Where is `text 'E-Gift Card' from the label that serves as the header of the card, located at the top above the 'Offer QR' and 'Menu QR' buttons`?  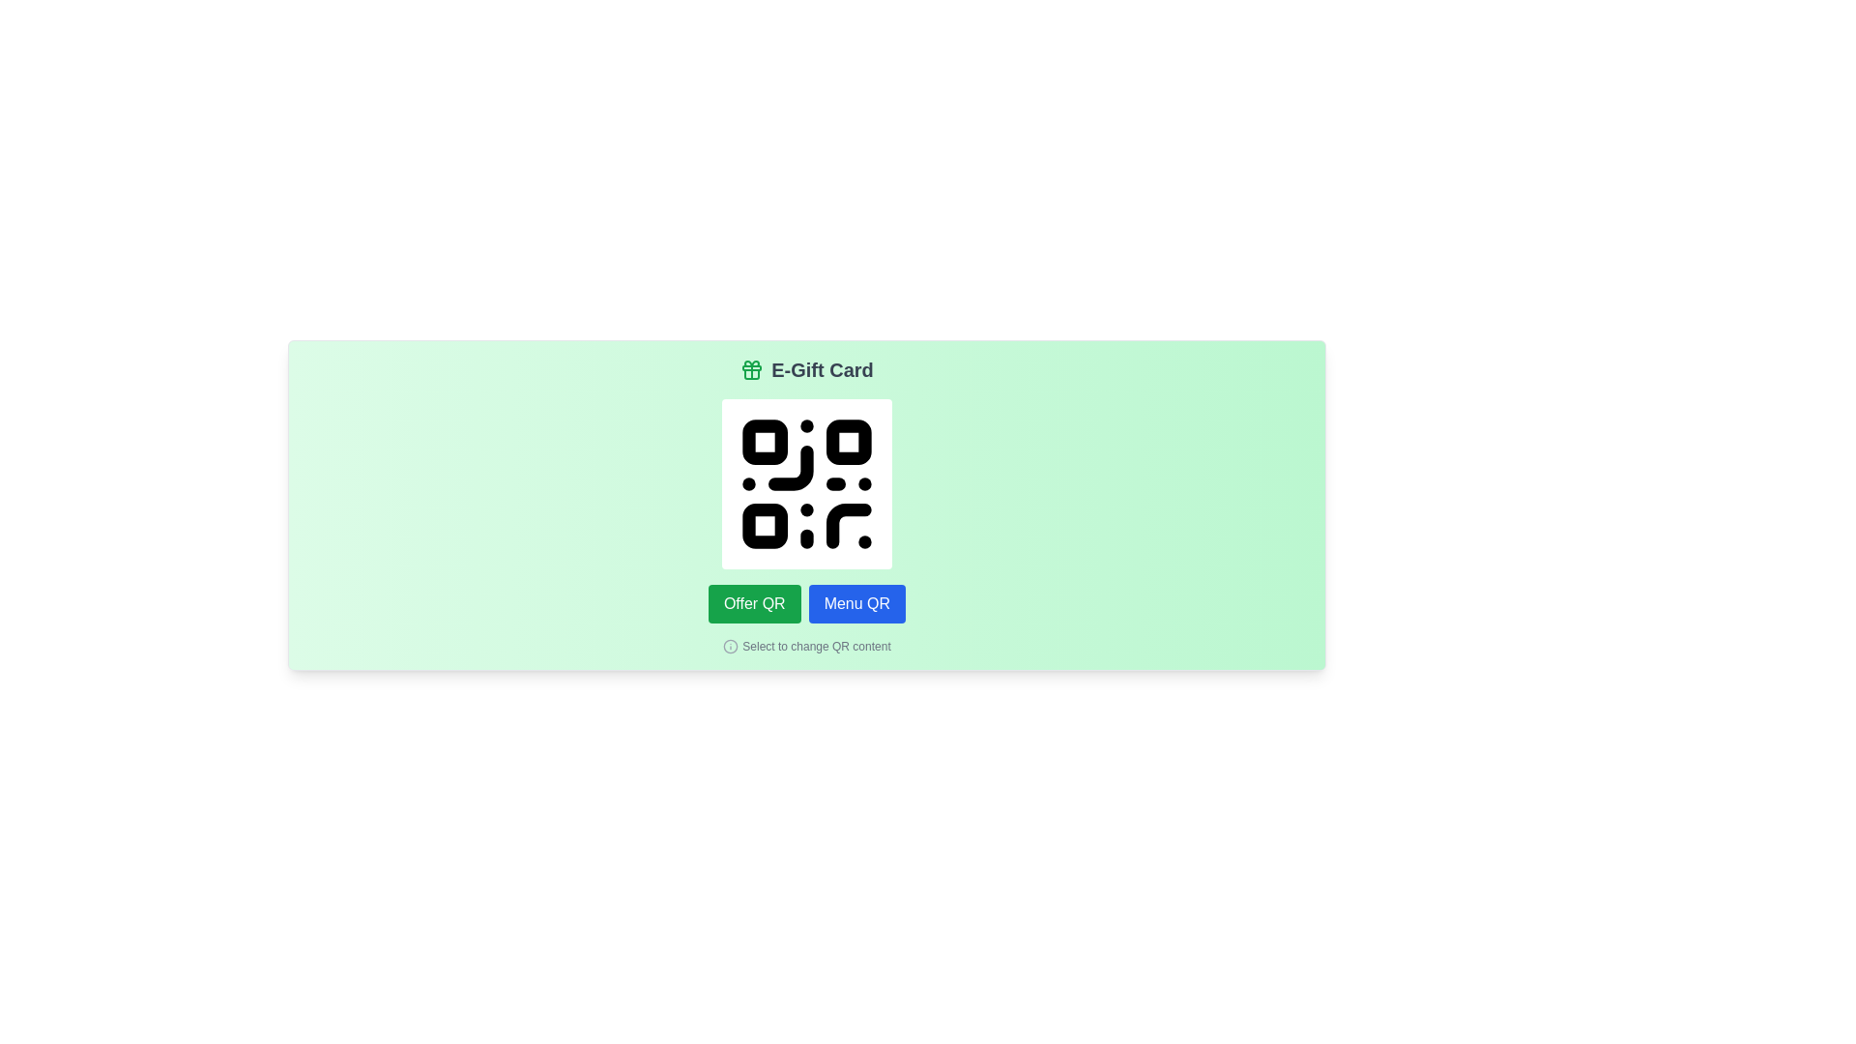
text 'E-Gift Card' from the label that serves as the header of the card, located at the top above the 'Offer QR' and 'Menu QR' buttons is located at coordinates (807, 369).